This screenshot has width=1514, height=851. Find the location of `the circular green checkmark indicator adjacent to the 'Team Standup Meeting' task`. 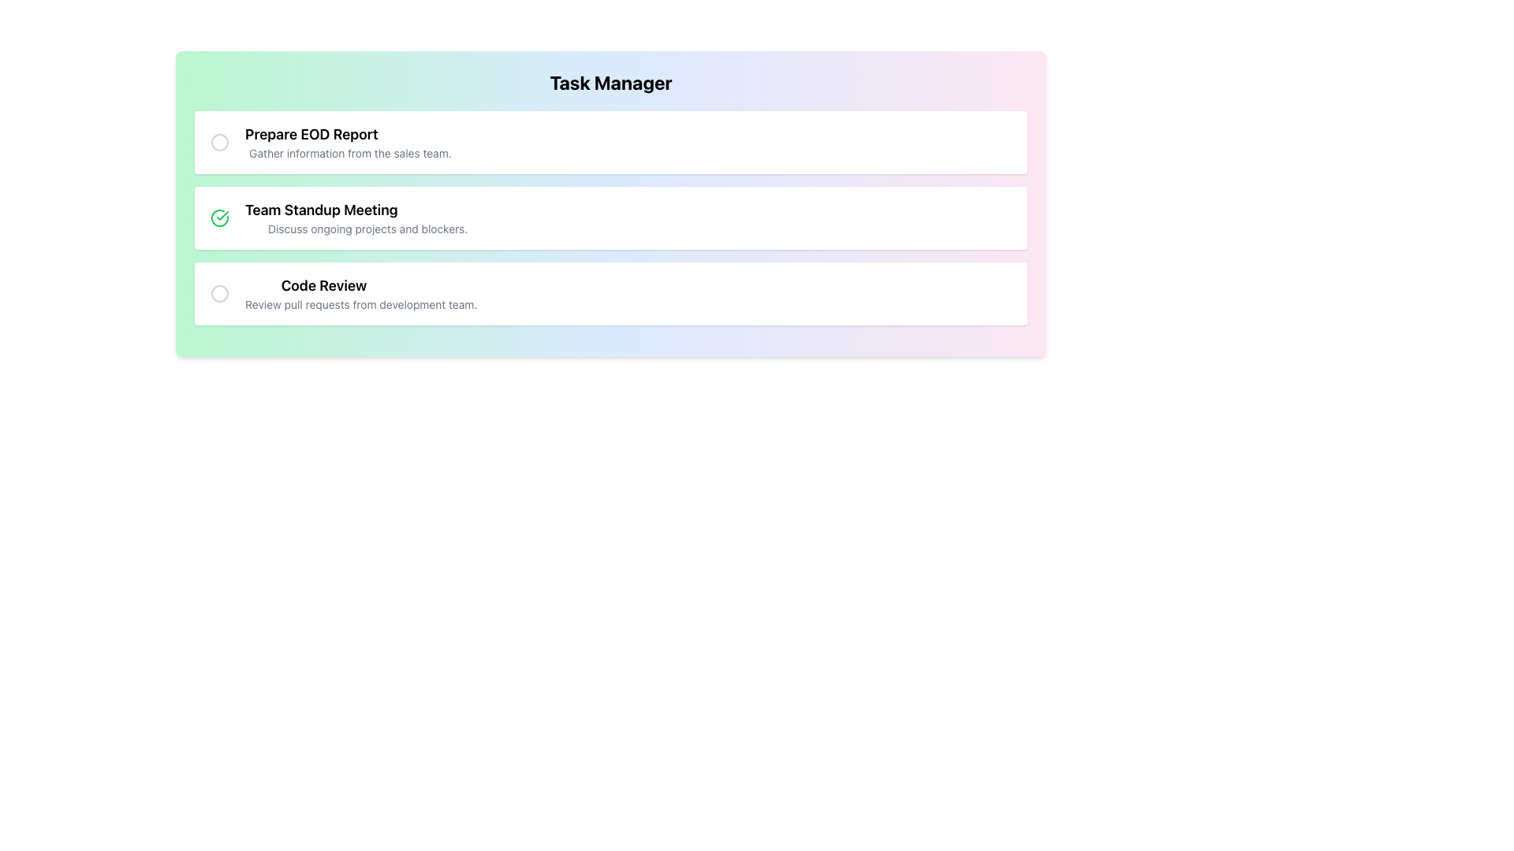

the circular green checkmark indicator adjacent to the 'Team Standup Meeting' task is located at coordinates (218, 218).